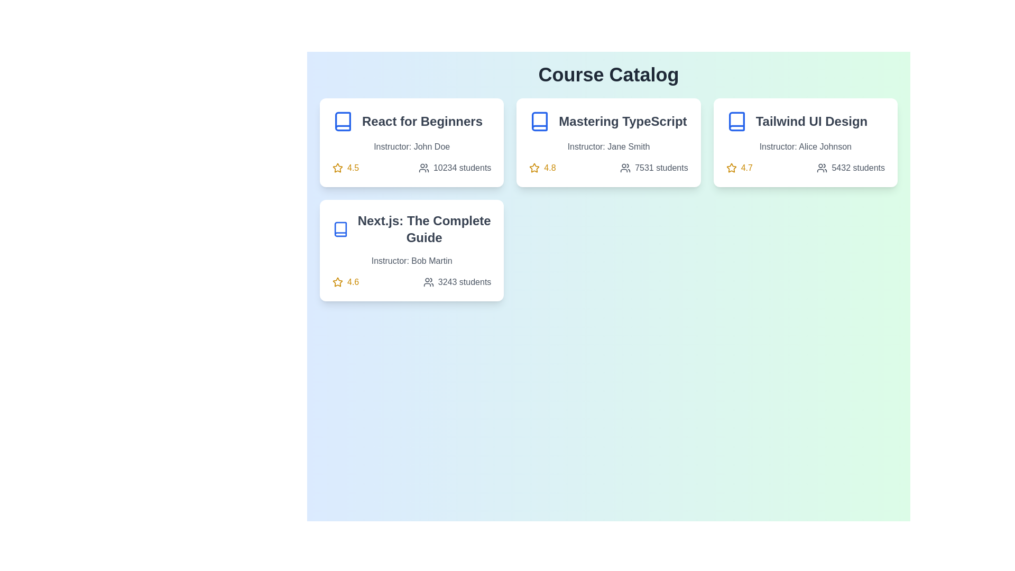 Image resolution: width=1015 pixels, height=571 pixels. I want to click on the blue book icon located at the top left corner of the 'Tailwind UI Design' card, which features a blue stroke and white fill, so click(736, 121).